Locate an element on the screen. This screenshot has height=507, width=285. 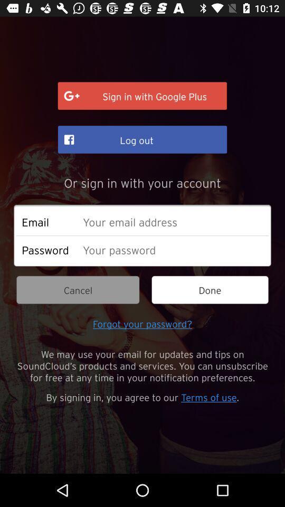
the icon above the forgot your password? is located at coordinates (77, 290).